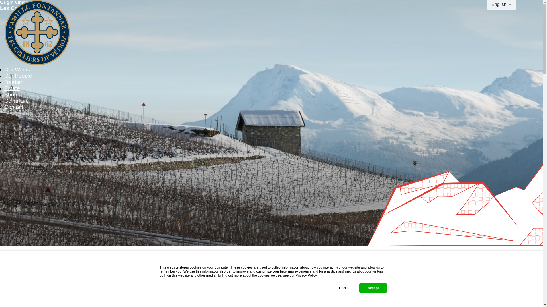  What do you see at coordinates (12, 88) in the screenshot?
I see `'Estate'` at bounding box center [12, 88].